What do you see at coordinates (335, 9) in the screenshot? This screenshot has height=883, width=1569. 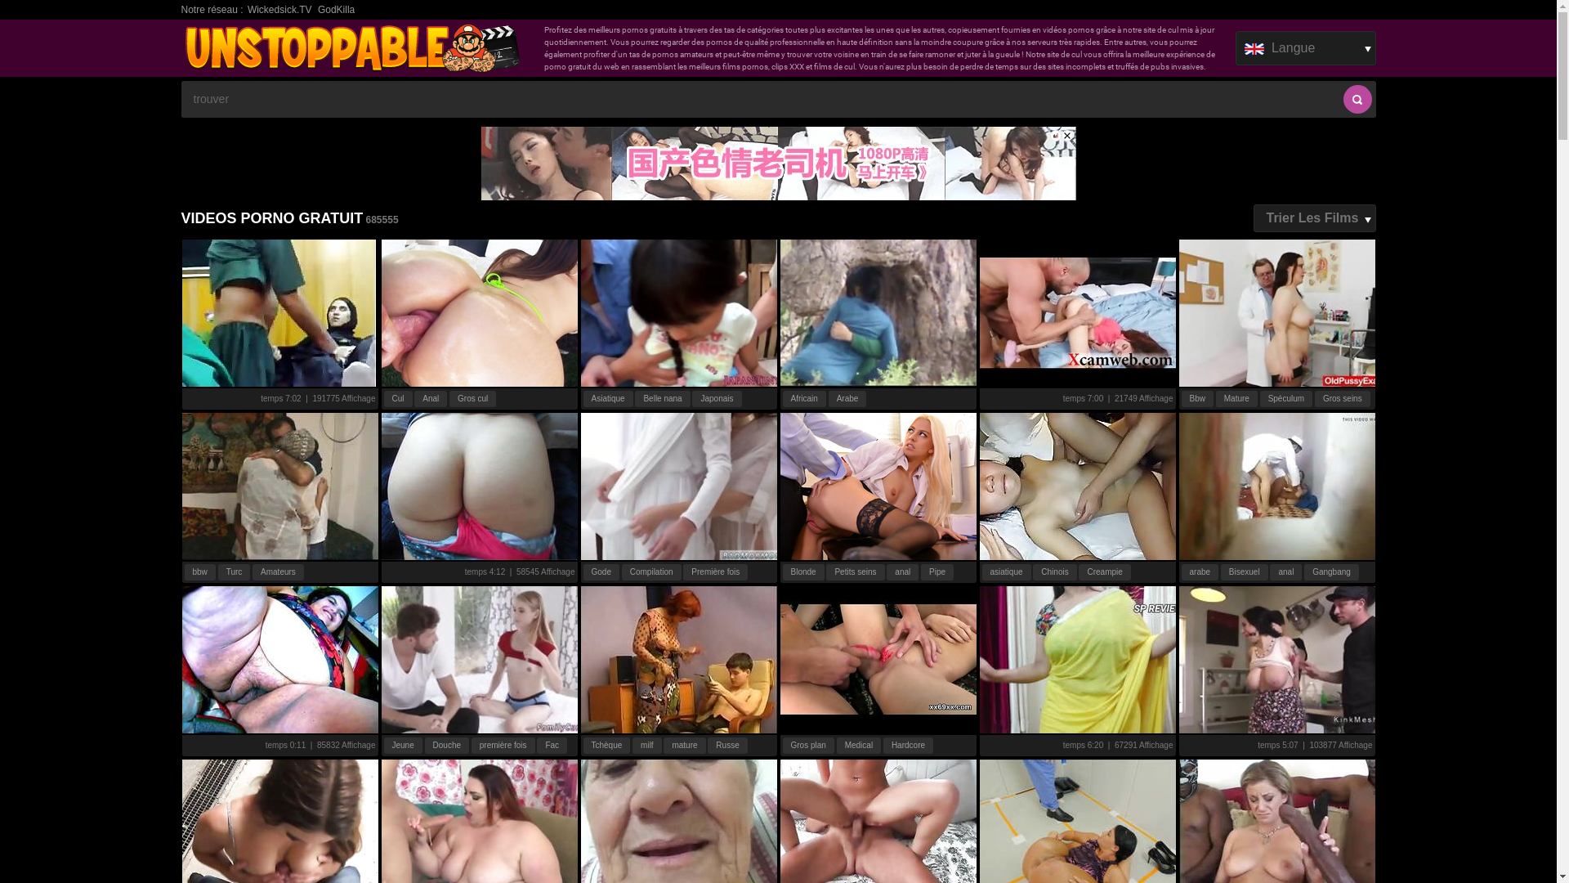 I see `'GodKilla'` at bounding box center [335, 9].